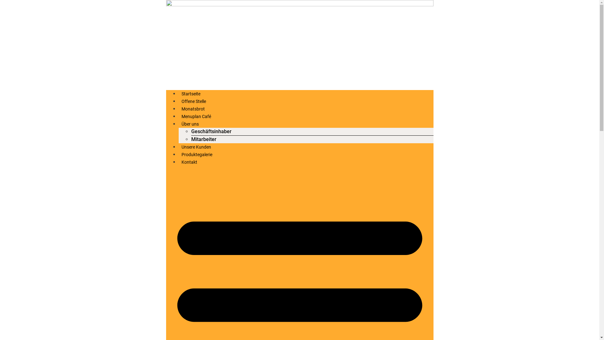  I want to click on 'Startseite', so click(190, 93).